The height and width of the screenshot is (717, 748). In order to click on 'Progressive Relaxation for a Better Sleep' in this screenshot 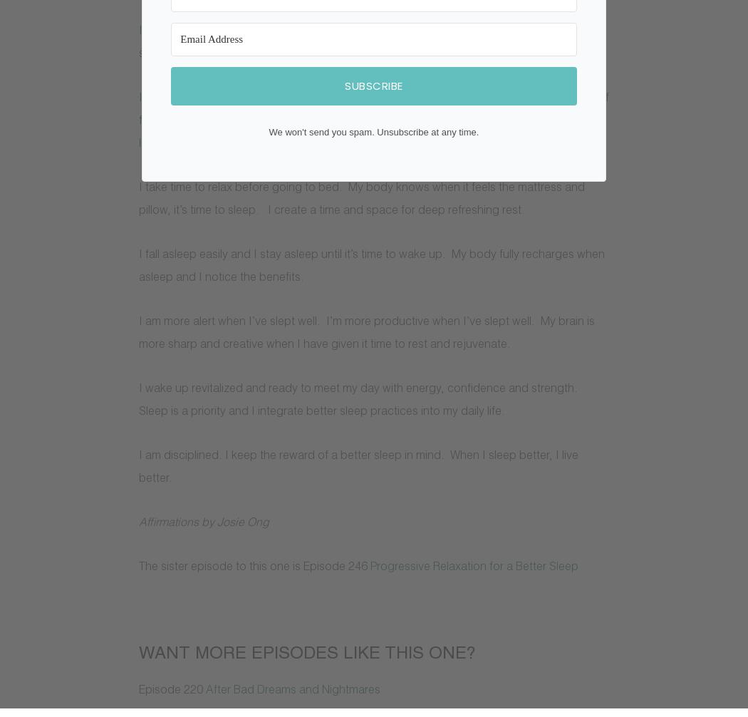, I will do `click(474, 567)`.